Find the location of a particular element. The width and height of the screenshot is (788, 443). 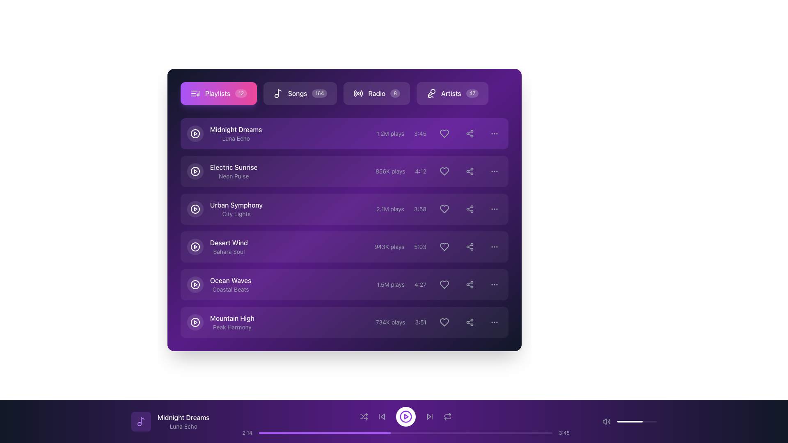

the volume level is located at coordinates (627, 422).